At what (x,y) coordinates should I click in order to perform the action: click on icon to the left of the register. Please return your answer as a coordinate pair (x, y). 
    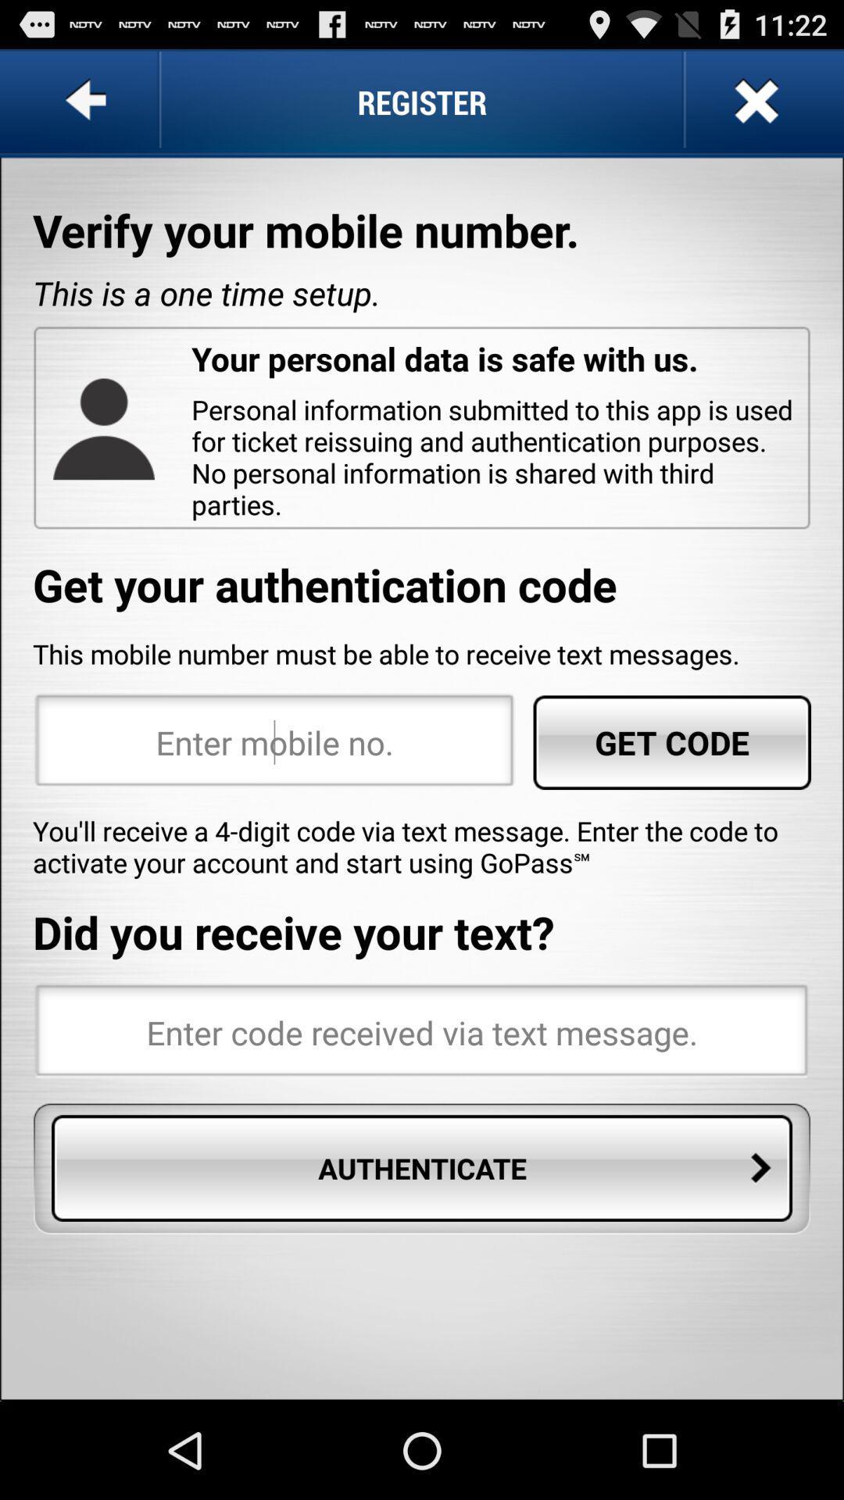
    Looking at the image, I should click on (89, 101).